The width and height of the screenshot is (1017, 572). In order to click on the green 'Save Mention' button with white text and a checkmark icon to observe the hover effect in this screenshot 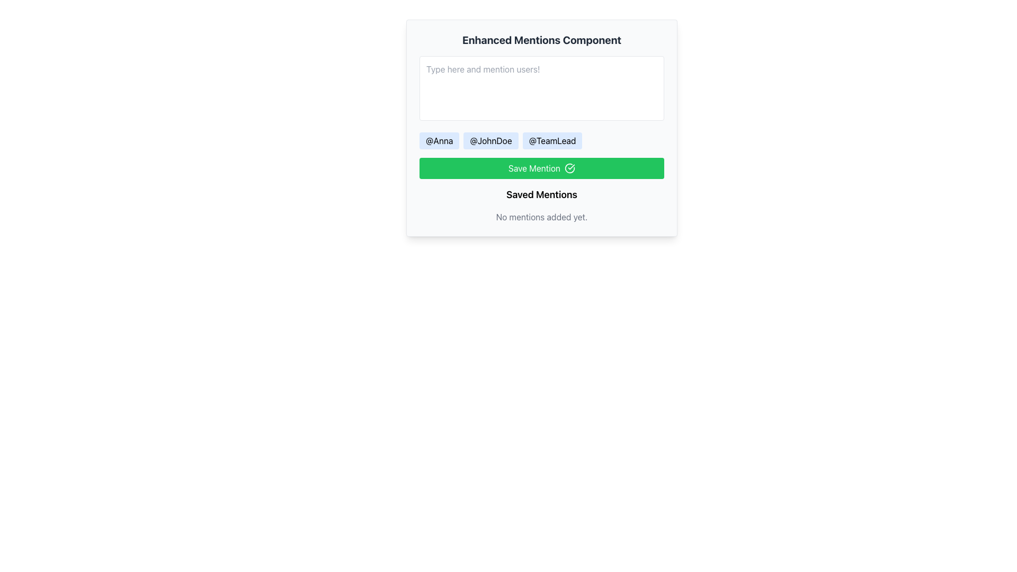, I will do `click(541, 167)`.